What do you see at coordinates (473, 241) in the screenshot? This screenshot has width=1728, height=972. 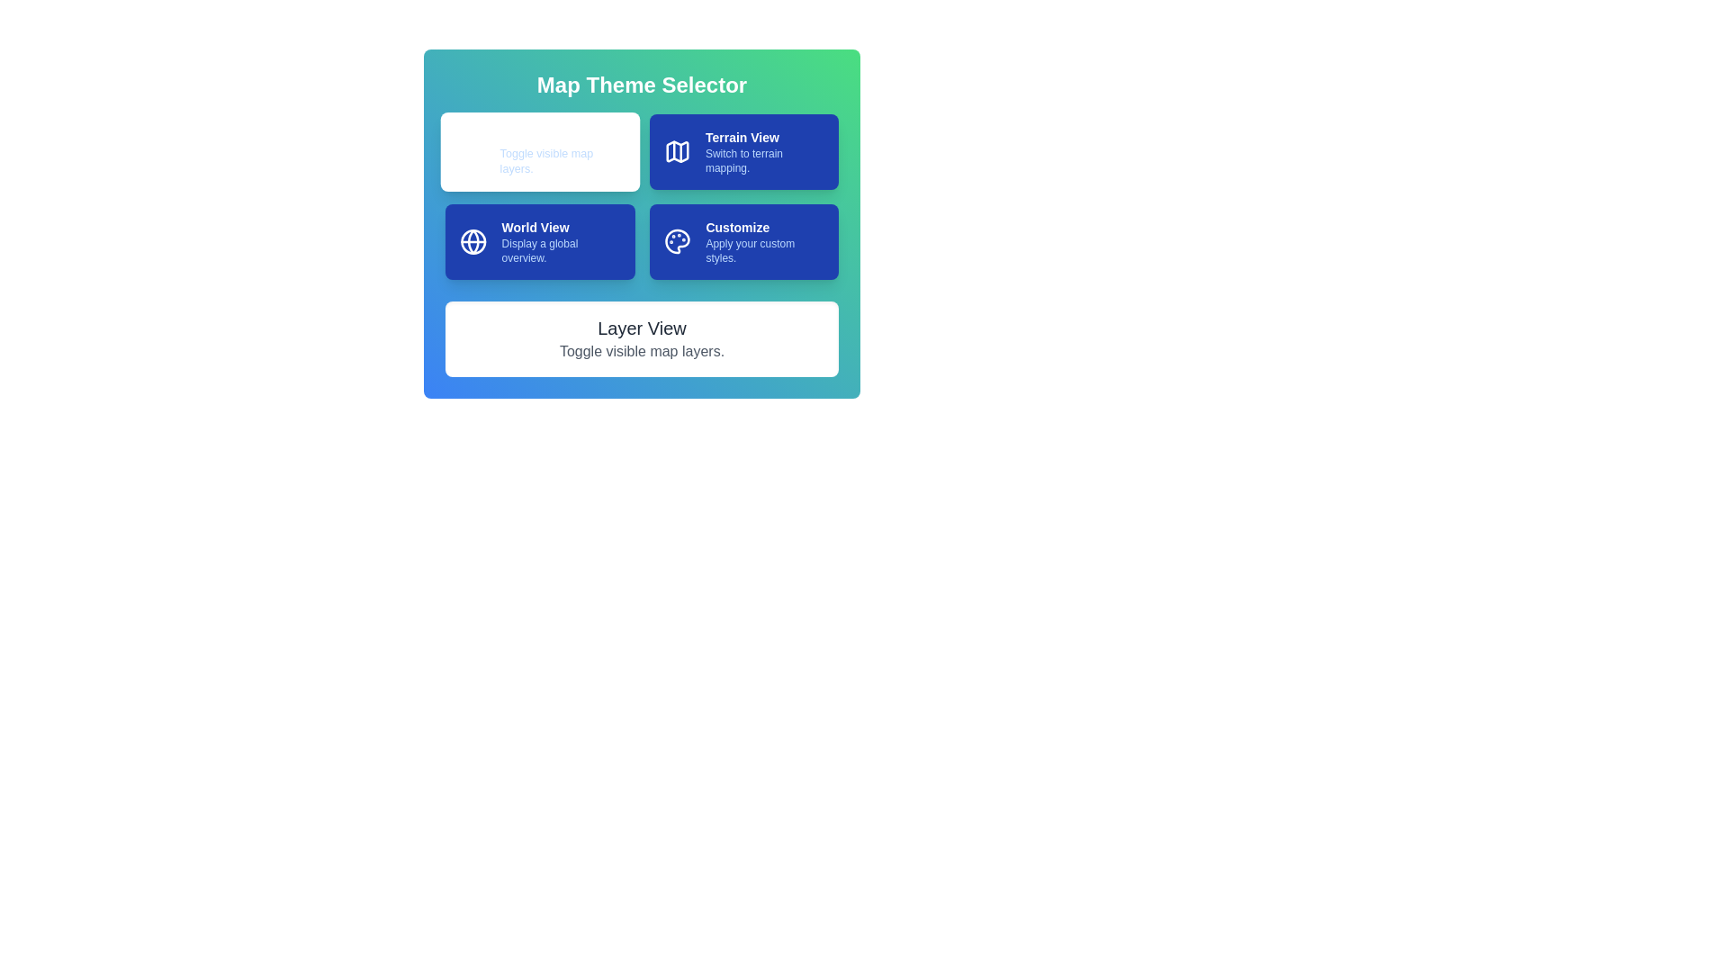 I see `the circular element within the SVG icon, which is centrally positioned in the blue button labeled 'World View.'` at bounding box center [473, 241].